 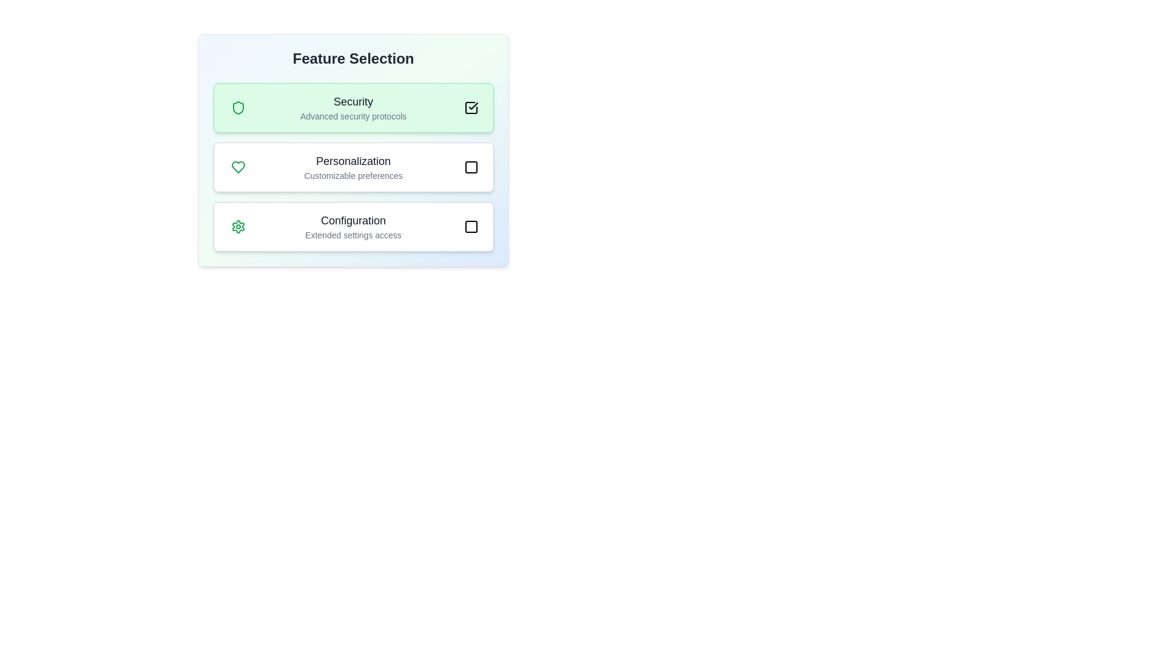 I want to click on the 'Configuration' text label, which is bold, medium-sized, and dark gray, located centrally within the third selectable card labeled 'Configuration', so click(x=353, y=220).